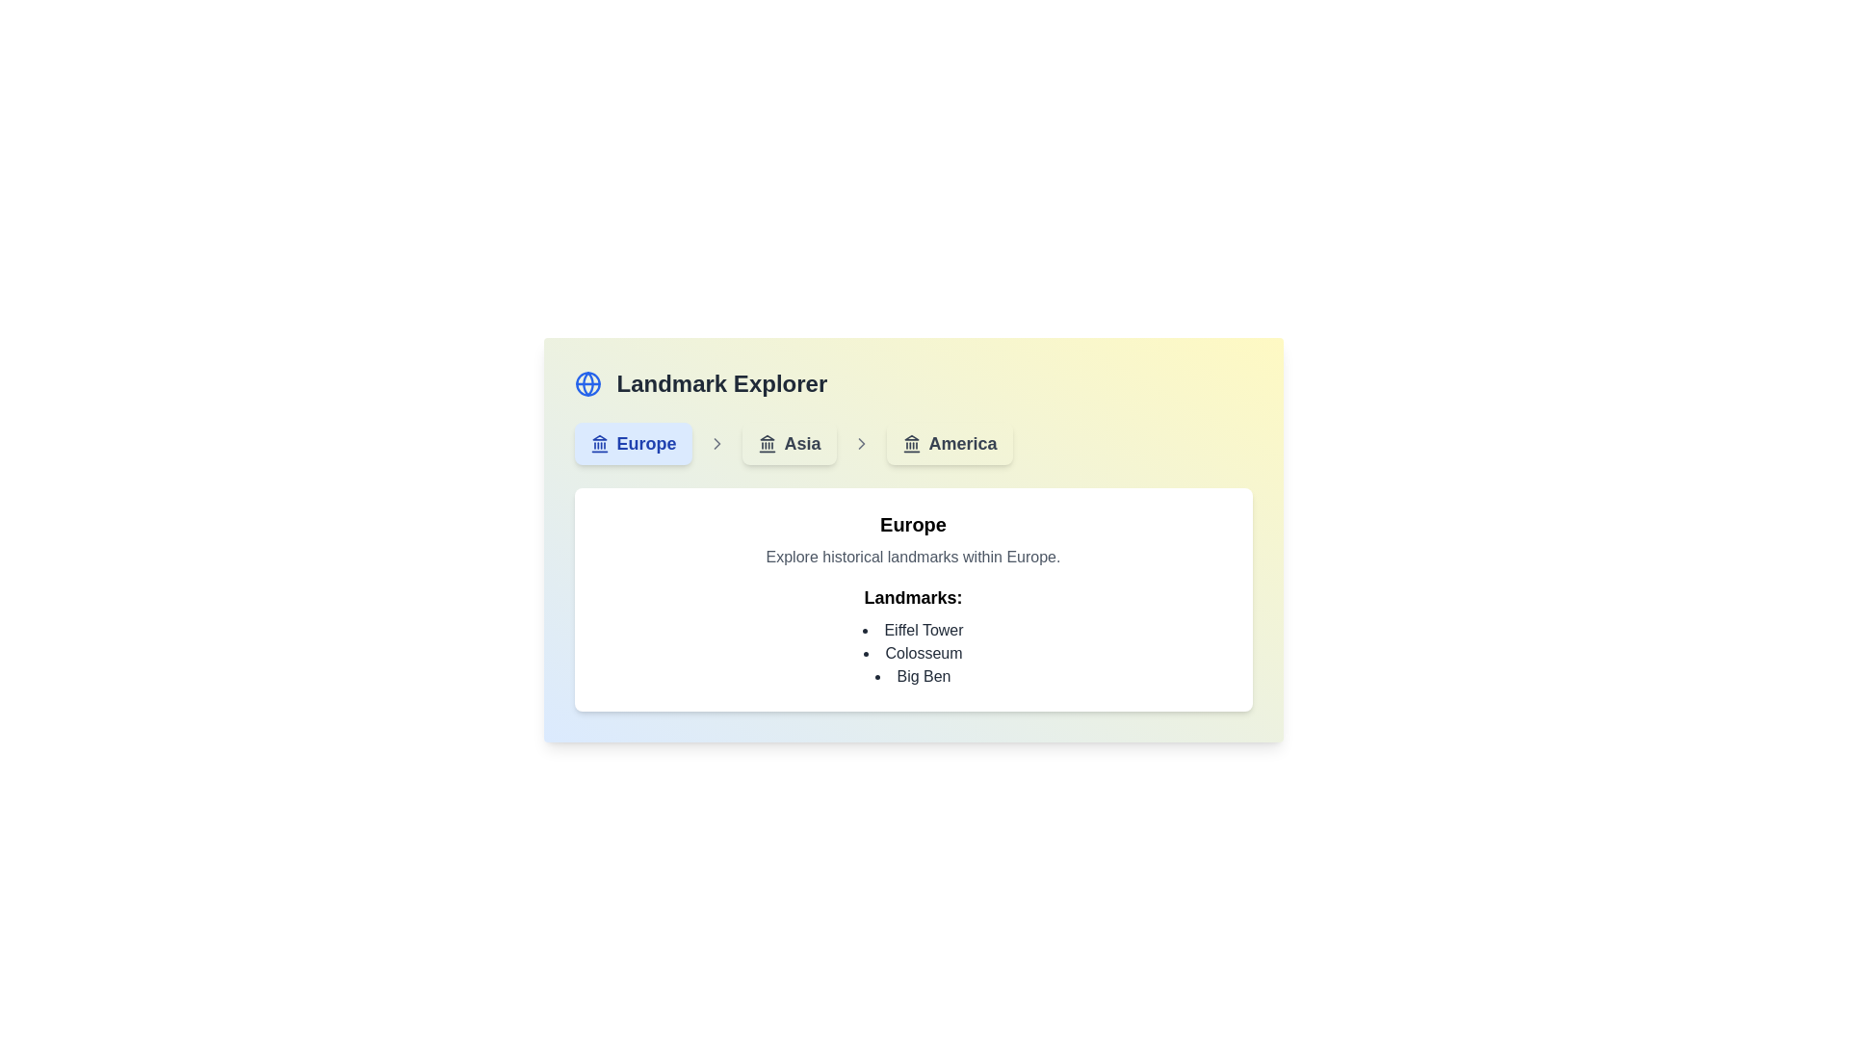  I want to click on the decorative globe icon located to the left of the 'Landmark Explorer' title in the header area of the panel, so click(586, 383).